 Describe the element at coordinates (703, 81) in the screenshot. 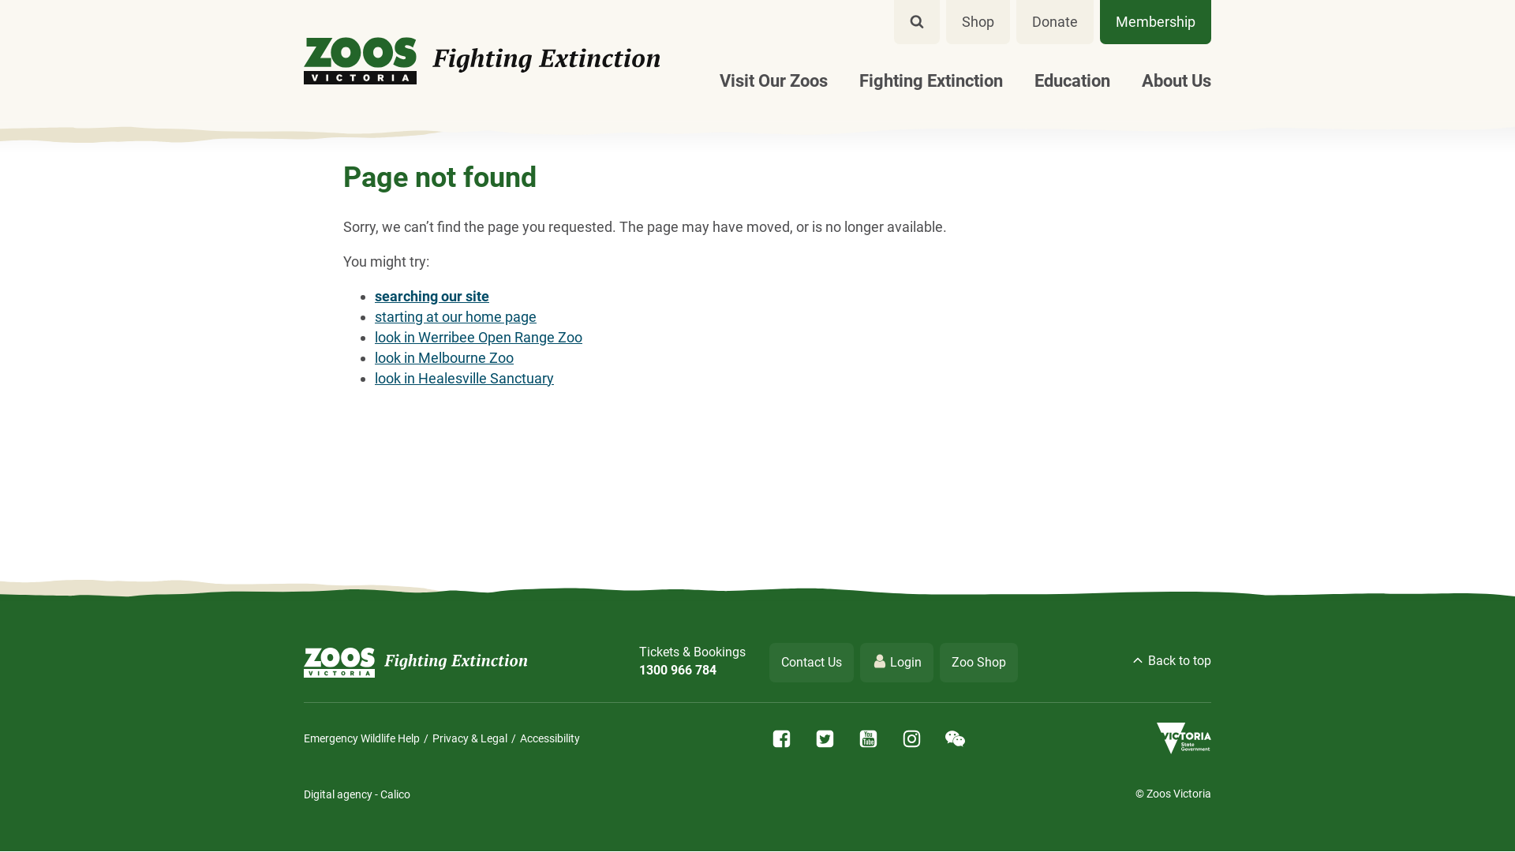

I see `'Visit Our Zoos'` at that location.